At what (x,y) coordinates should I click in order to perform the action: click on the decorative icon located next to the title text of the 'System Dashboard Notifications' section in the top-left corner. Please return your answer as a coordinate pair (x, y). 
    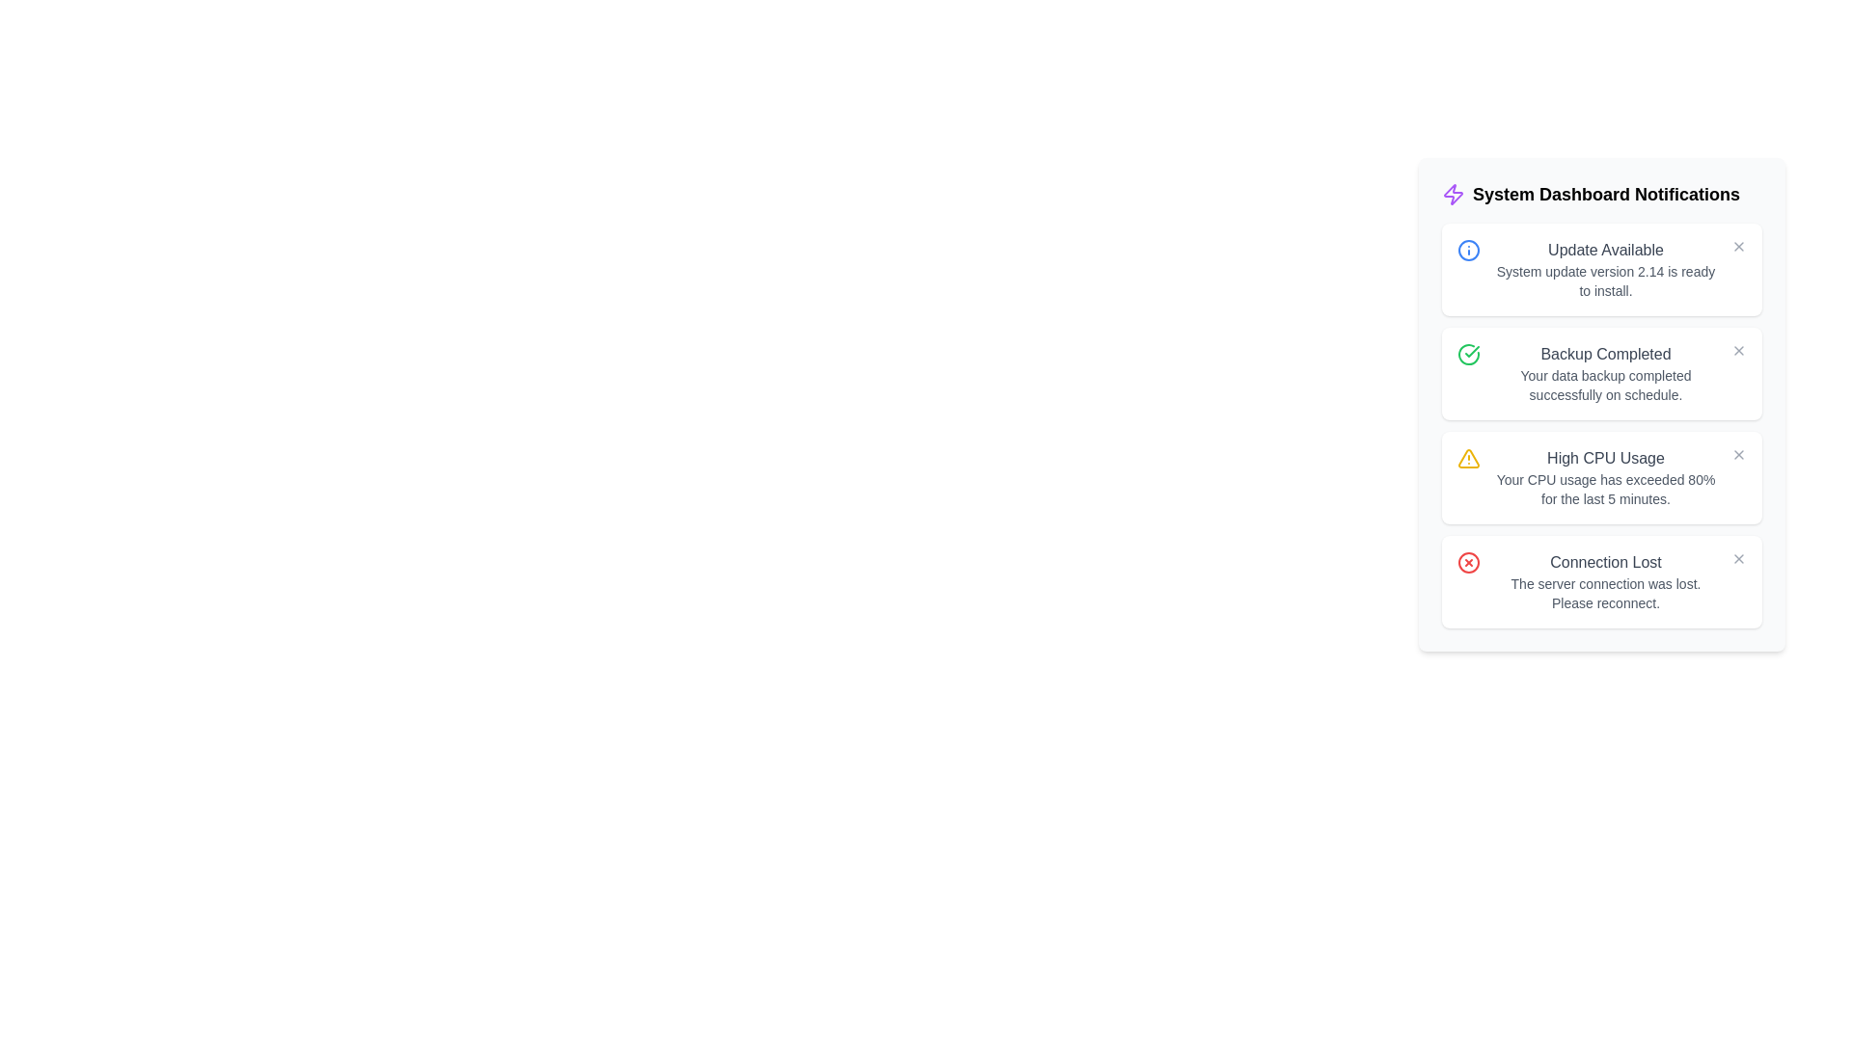
    Looking at the image, I should click on (1454, 194).